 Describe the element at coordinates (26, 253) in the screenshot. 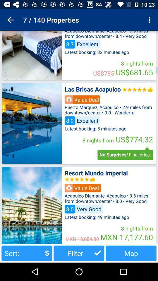

I see `the item to the left of the filter button` at that location.